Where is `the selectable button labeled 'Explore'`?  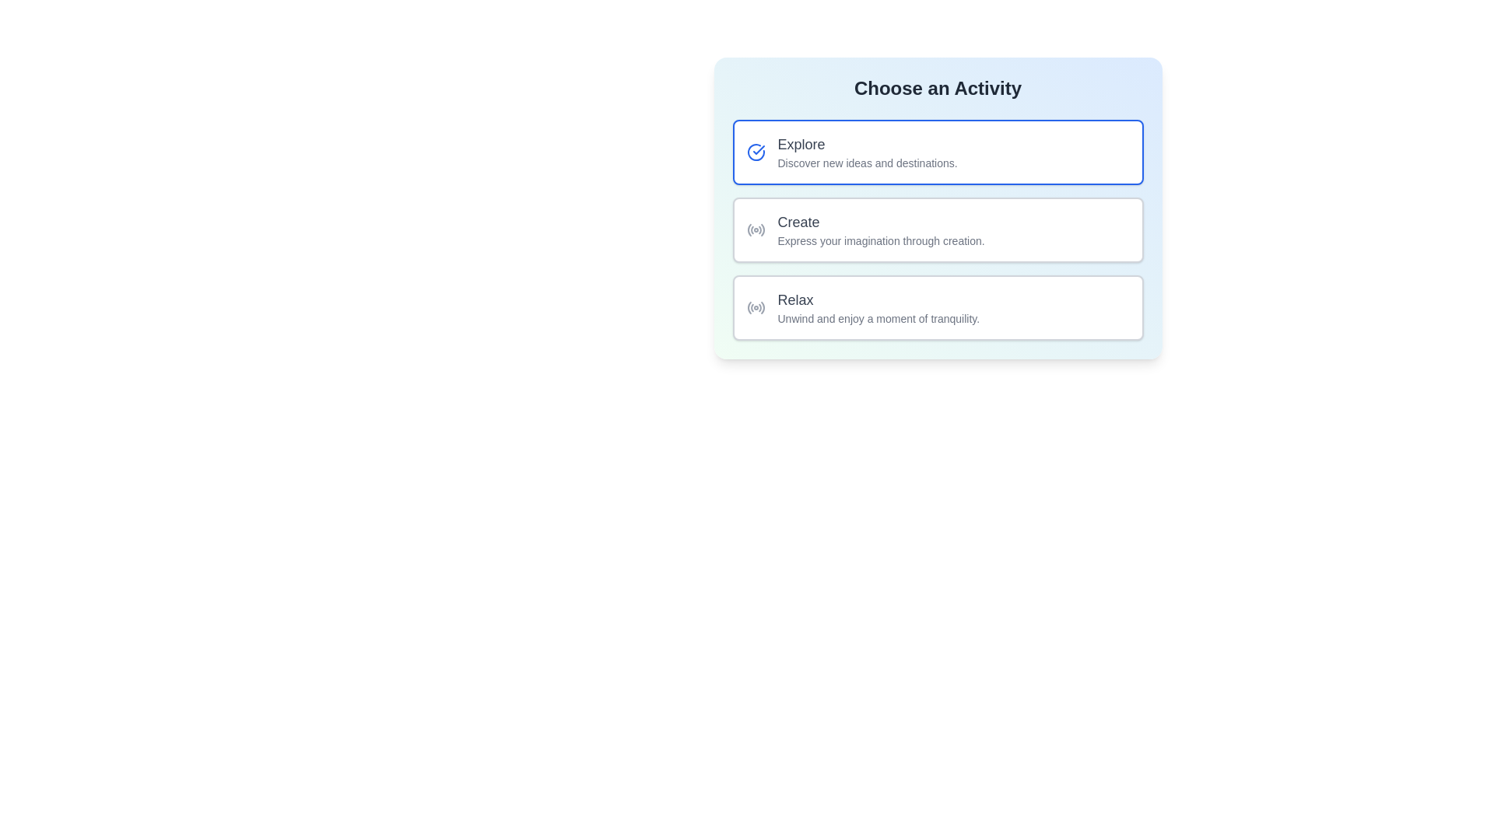
the selectable button labeled 'Explore' is located at coordinates (937, 152).